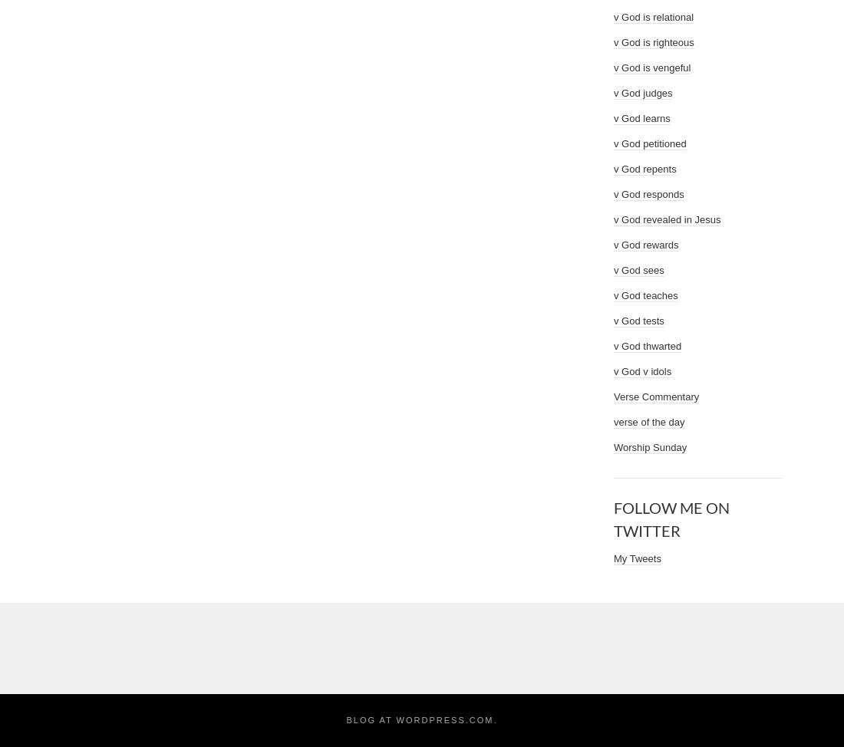 The image size is (844, 747). What do you see at coordinates (614, 117) in the screenshot?
I see `'v God learns'` at bounding box center [614, 117].